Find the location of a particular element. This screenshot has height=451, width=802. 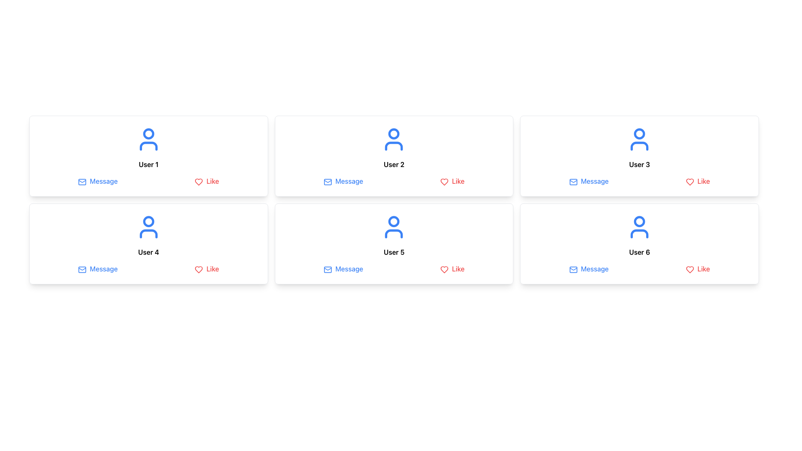

the red heart icon that resembles a favorite button located beside the 'Like' label in the user card of 'User 1' is located at coordinates (198, 181).